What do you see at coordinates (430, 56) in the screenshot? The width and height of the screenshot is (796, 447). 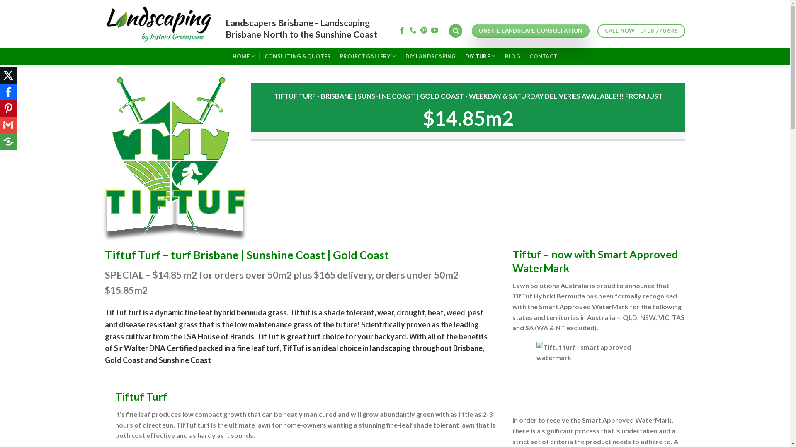 I see `'DIY LANDSCAPING'` at bounding box center [430, 56].